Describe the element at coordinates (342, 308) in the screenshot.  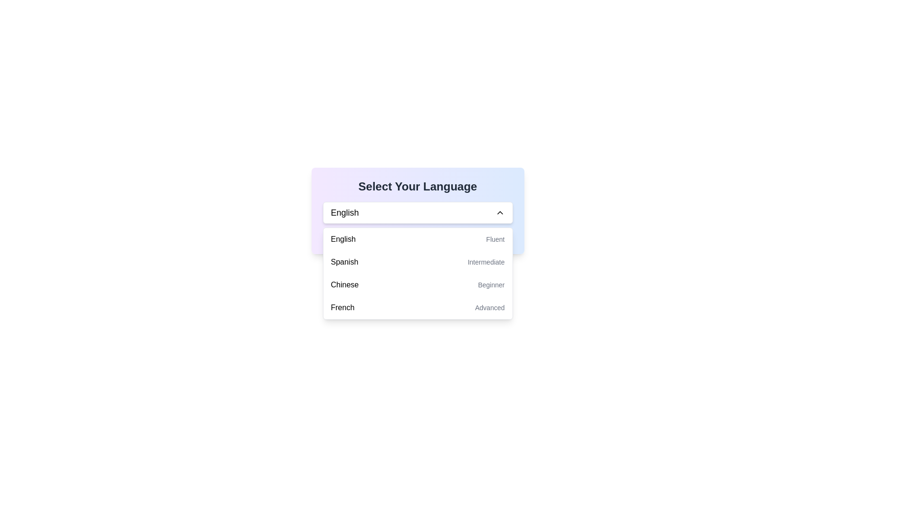
I see `the 'French' text label in the dropdown list indicating language selection, which is positioned before the word 'Advanced'` at that location.